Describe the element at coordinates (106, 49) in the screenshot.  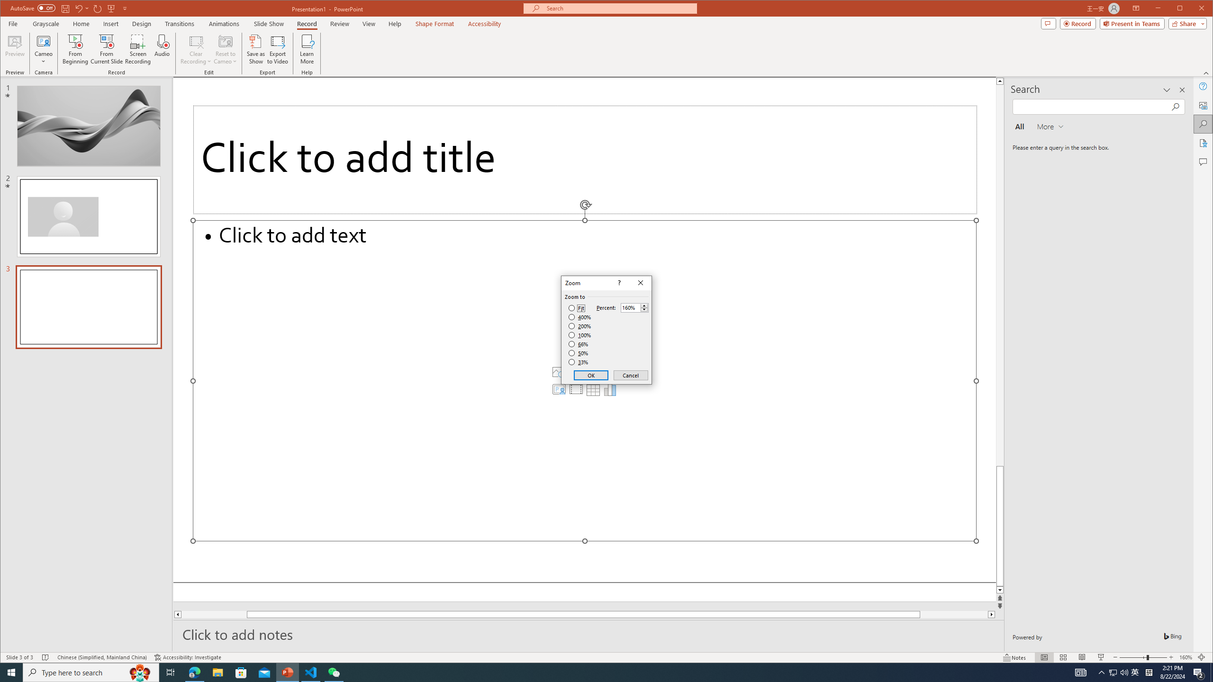
I see `'From Current Slide...'` at that location.